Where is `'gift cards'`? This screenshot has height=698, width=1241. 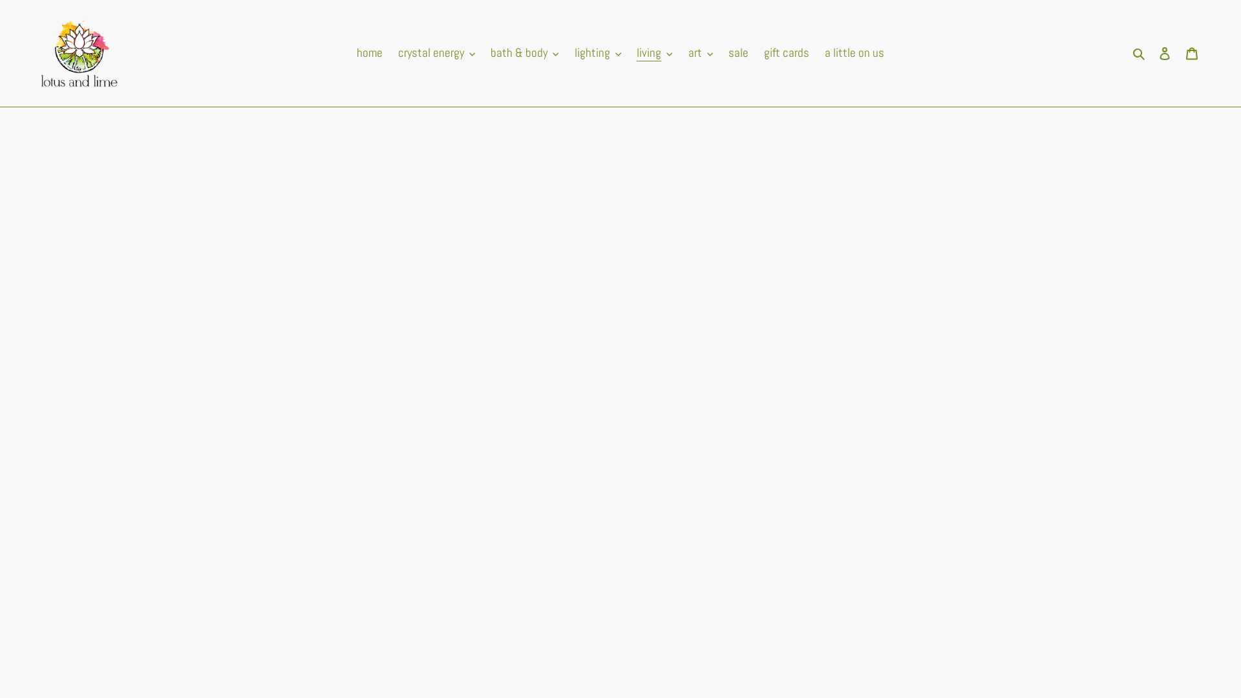 'gift cards' is located at coordinates (786, 52).